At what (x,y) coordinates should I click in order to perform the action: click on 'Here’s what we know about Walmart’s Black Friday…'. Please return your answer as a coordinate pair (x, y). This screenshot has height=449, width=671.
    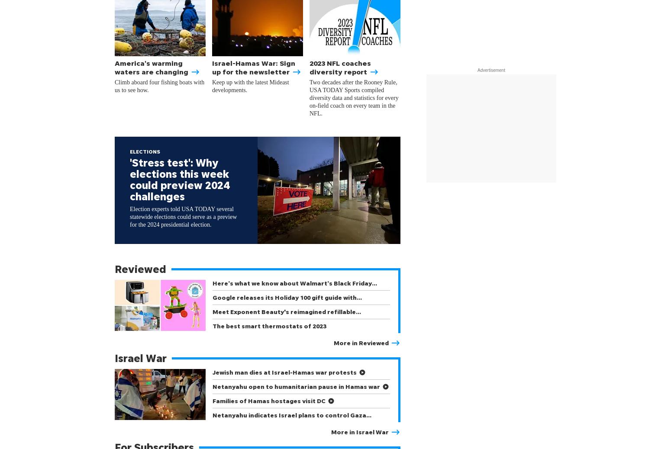
    Looking at the image, I should click on (294, 282).